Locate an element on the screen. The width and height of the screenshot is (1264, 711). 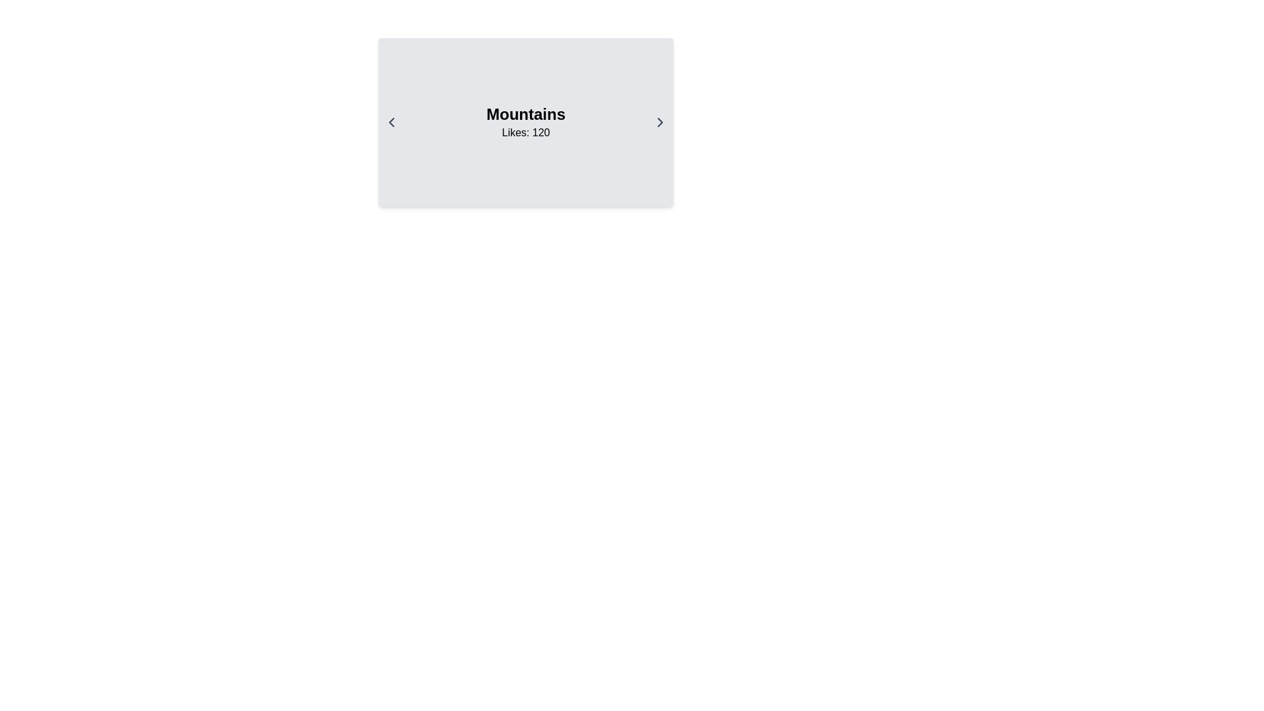
the text that displays the number of likes for the 'Mountains' entity is located at coordinates (525, 132).